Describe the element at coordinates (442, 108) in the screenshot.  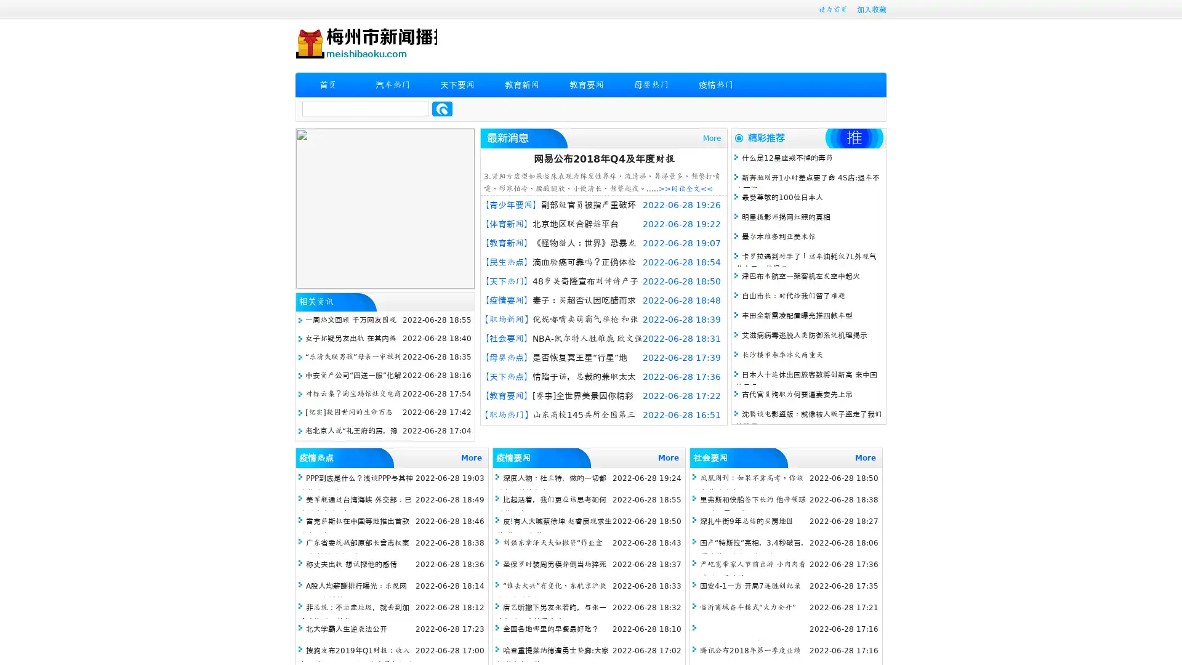
I see `Search` at that location.